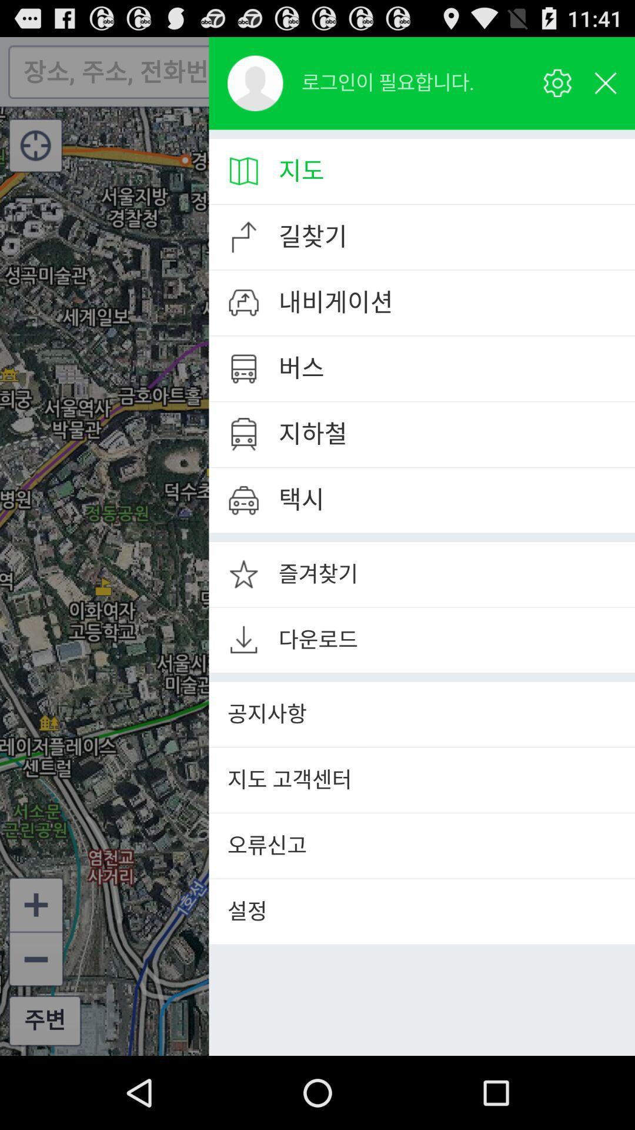 This screenshot has height=1130, width=635. I want to click on the minus icon, so click(599, 225).